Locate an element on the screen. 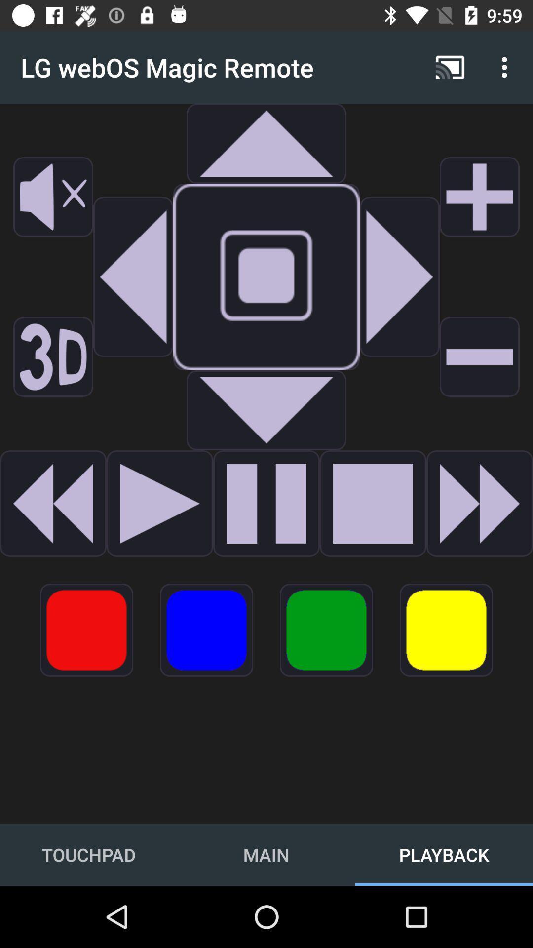 The width and height of the screenshot is (533, 948). the av_forward icon is located at coordinates (479, 503).